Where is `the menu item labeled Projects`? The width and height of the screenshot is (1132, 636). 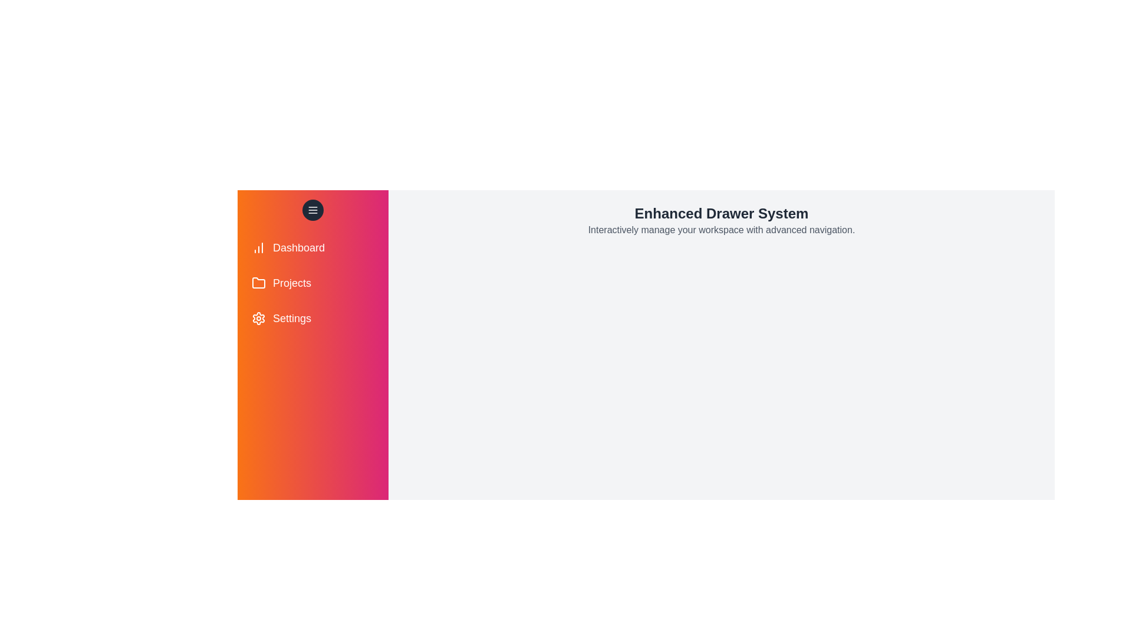
the menu item labeled Projects is located at coordinates (313, 283).